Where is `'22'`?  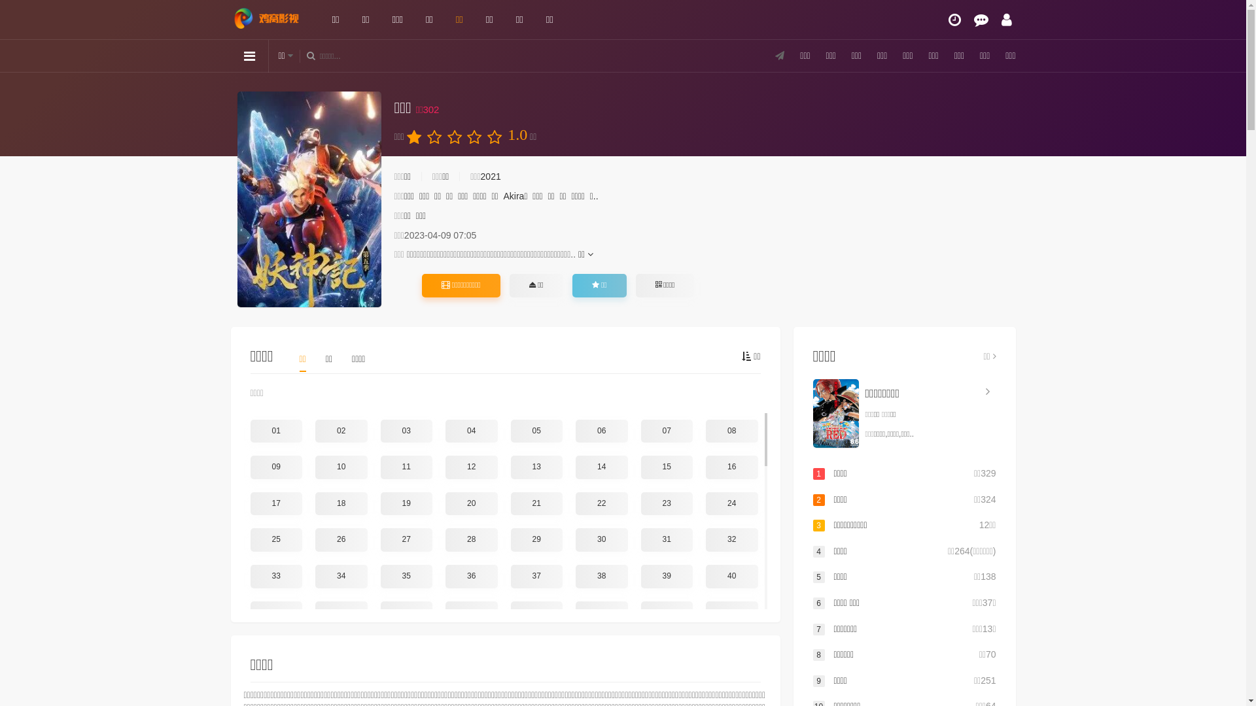
'22' is located at coordinates (575, 503).